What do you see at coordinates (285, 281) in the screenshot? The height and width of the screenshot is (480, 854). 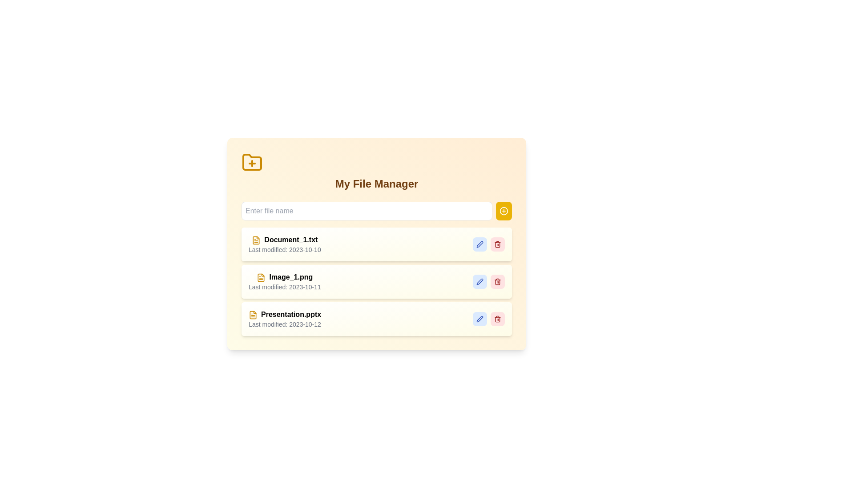 I see `the File item representation of 'Image_1.png' which includes a yellow file icon and last modified date 'Last modified: 2023-10-11'` at bounding box center [285, 281].